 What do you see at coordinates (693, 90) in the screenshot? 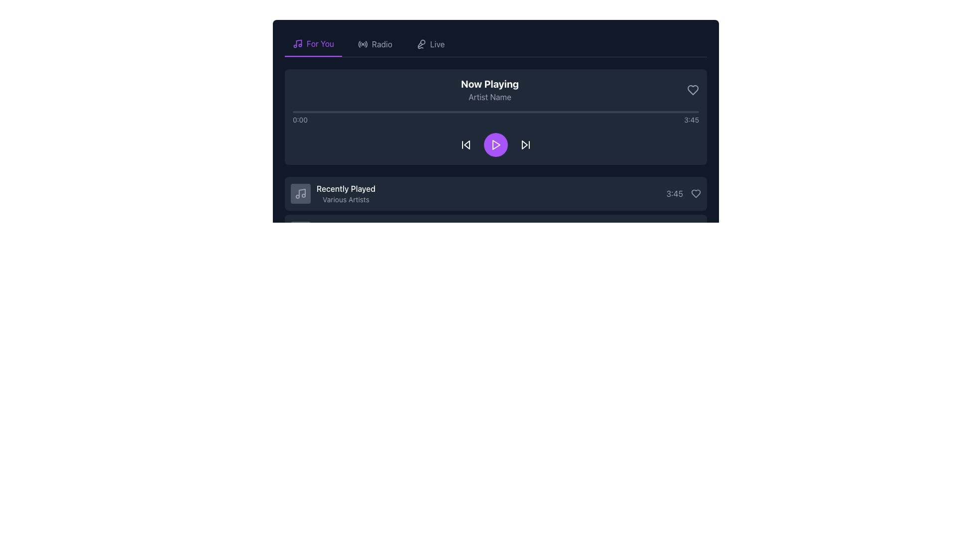
I see `the heart-shaped icon button located in the top-right portion of the card under the 'Now Playing' section to mark the item as favorite` at bounding box center [693, 90].